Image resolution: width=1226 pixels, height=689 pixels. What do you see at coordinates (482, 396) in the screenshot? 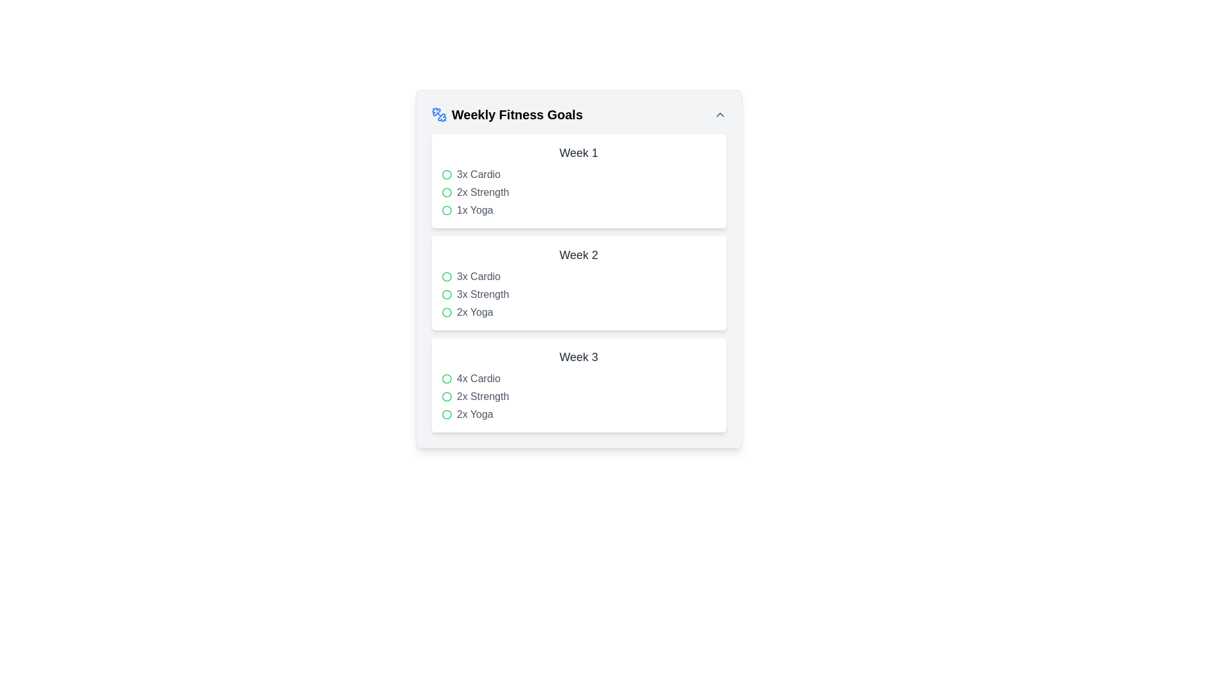
I see `the 'Strength' fitness activity text label that displays '2x' frequency within the Week 3 section of the Weekly Fitness Goals card, positioned between '4x Cardio' and '2x Yoga'` at bounding box center [482, 396].